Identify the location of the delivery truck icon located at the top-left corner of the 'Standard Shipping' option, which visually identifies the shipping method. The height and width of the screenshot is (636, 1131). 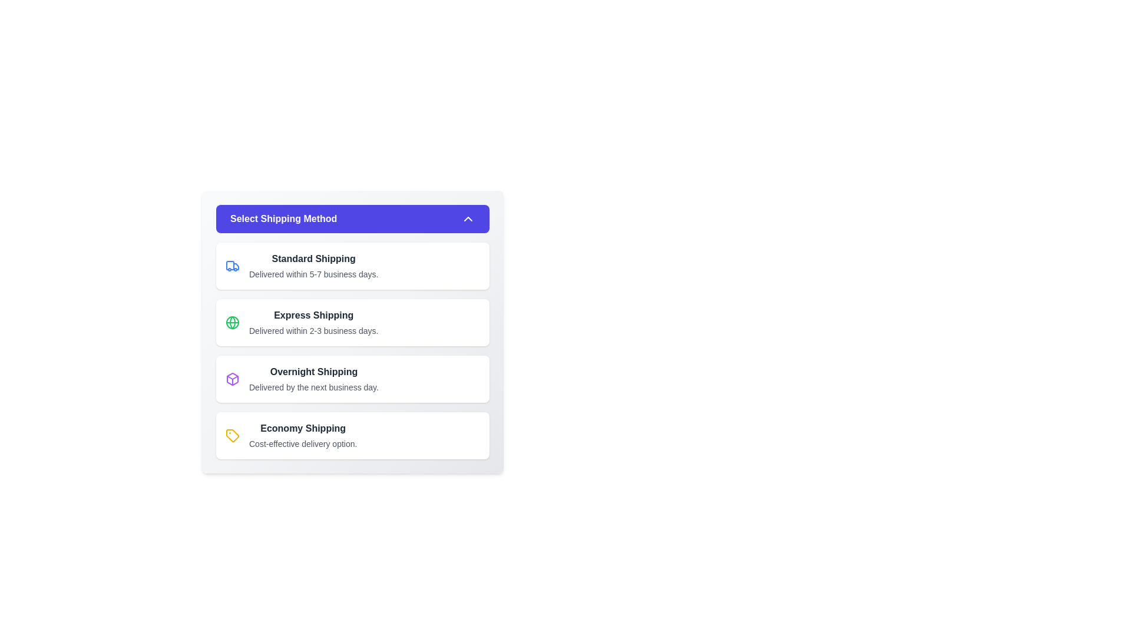
(232, 266).